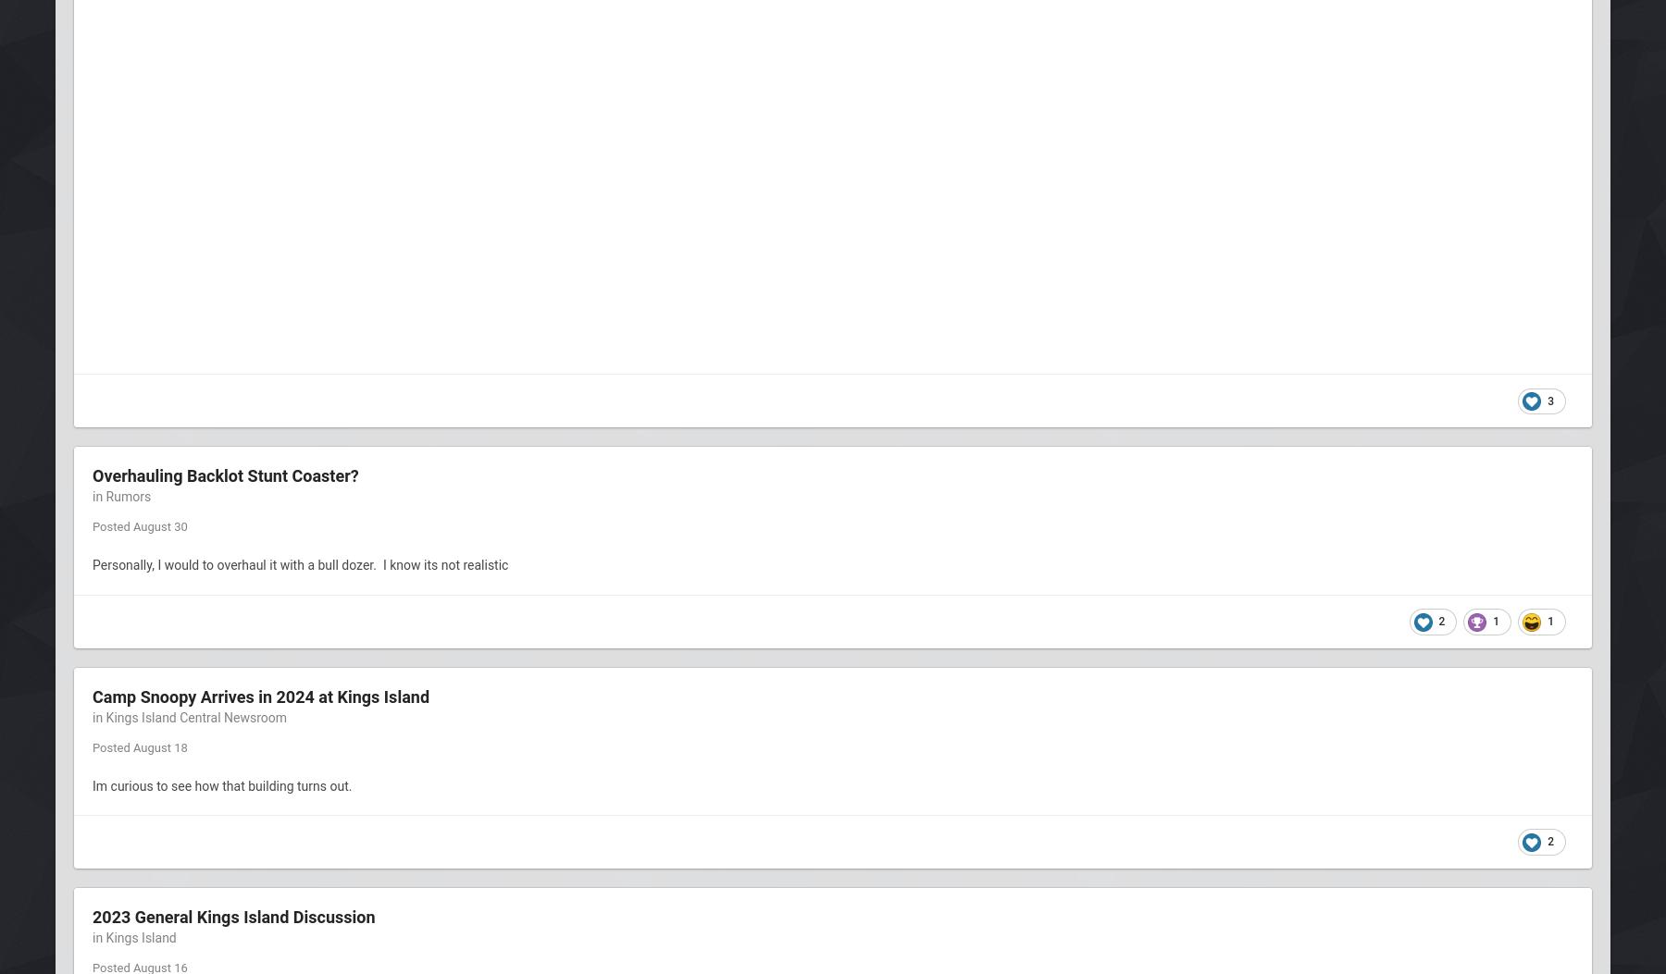 The height and width of the screenshot is (974, 1666). What do you see at coordinates (196, 717) in the screenshot?
I see `'Kings Island Central Newsroom'` at bounding box center [196, 717].